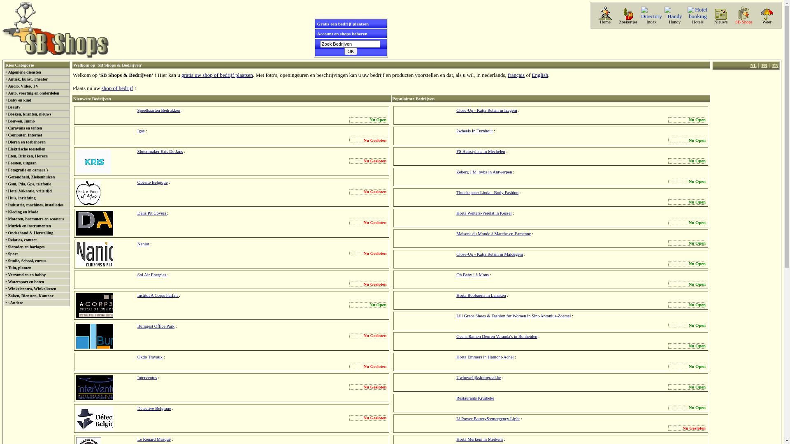 This screenshot has height=444, width=790. Describe the element at coordinates (455, 192) in the screenshot. I see `'Thuiskapster Linda - Body Fashion'` at that location.